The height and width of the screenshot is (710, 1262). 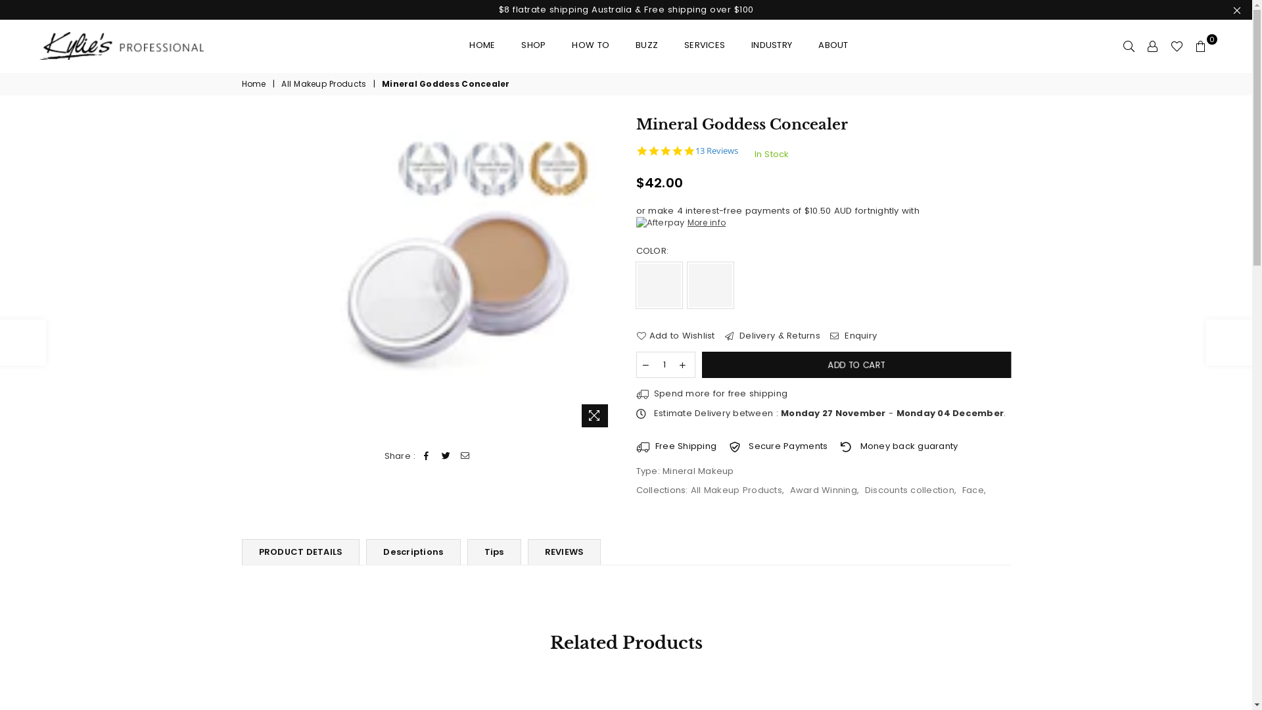 What do you see at coordinates (973, 490) in the screenshot?
I see `'Face'` at bounding box center [973, 490].